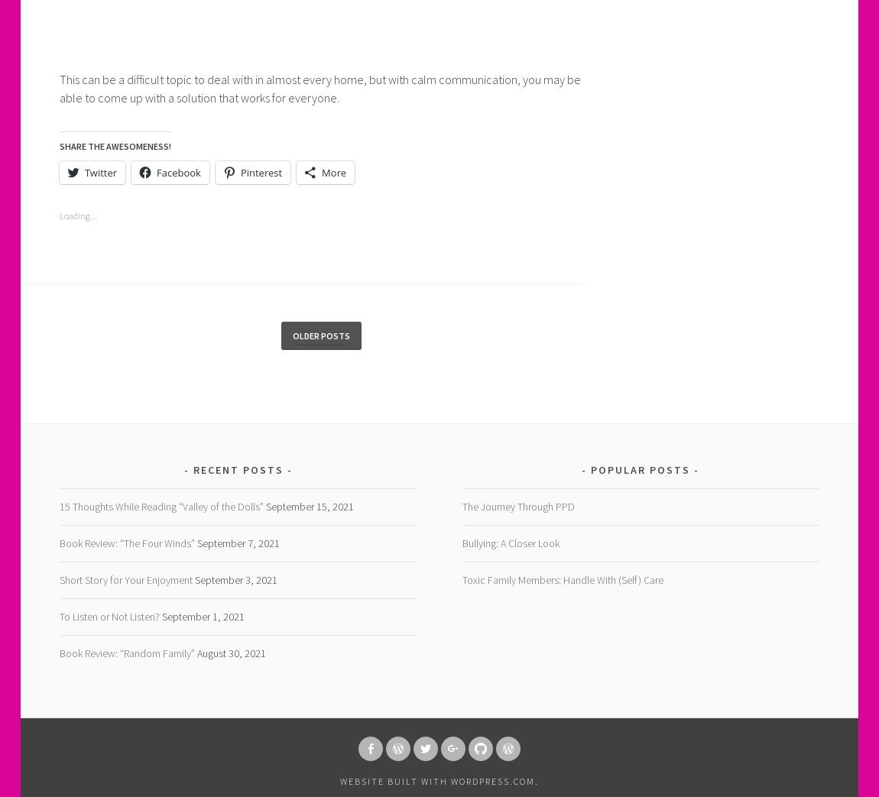 The height and width of the screenshot is (797, 879). I want to click on 'This can be a difficult topic to deal with in almost every home, but with calm communication, you may be able to come up with a solution that works for everyone.', so click(319, 88).